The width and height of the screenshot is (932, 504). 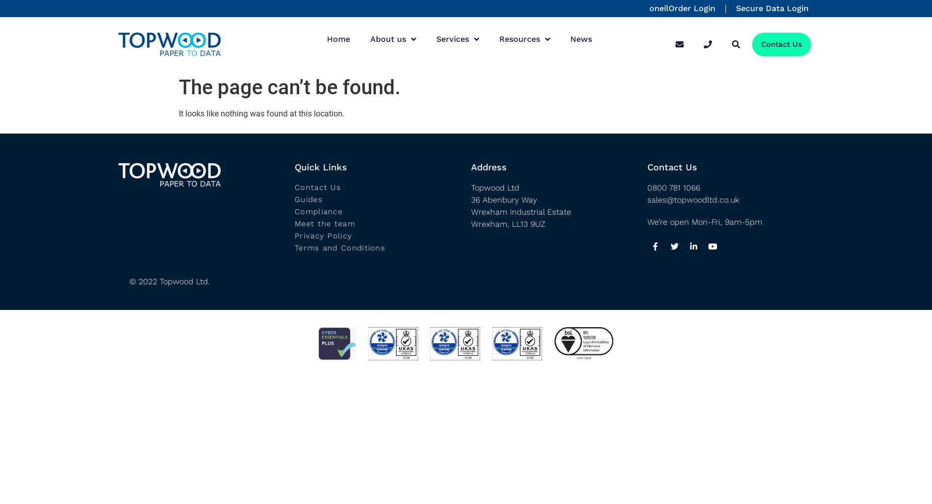 What do you see at coordinates (340, 247) in the screenshot?
I see `'Terms and Conditions'` at bounding box center [340, 247].